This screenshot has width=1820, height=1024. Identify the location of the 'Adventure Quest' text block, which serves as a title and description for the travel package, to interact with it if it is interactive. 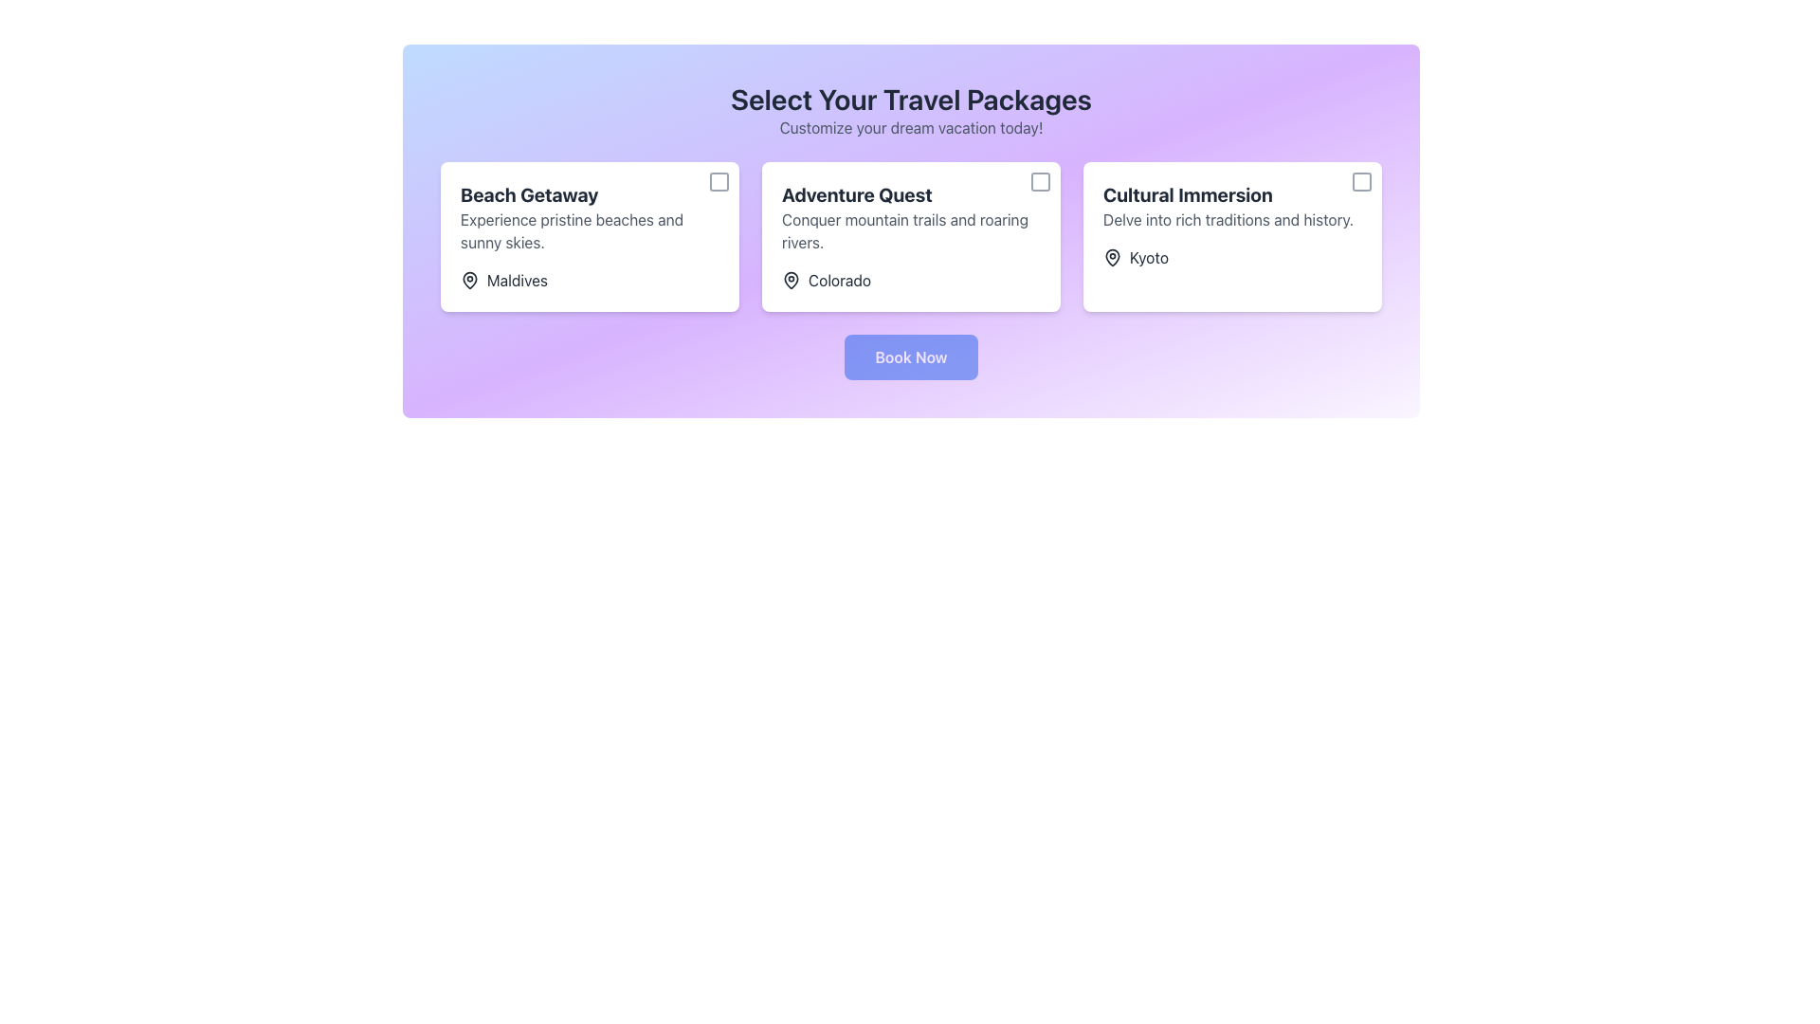
(911, 217).